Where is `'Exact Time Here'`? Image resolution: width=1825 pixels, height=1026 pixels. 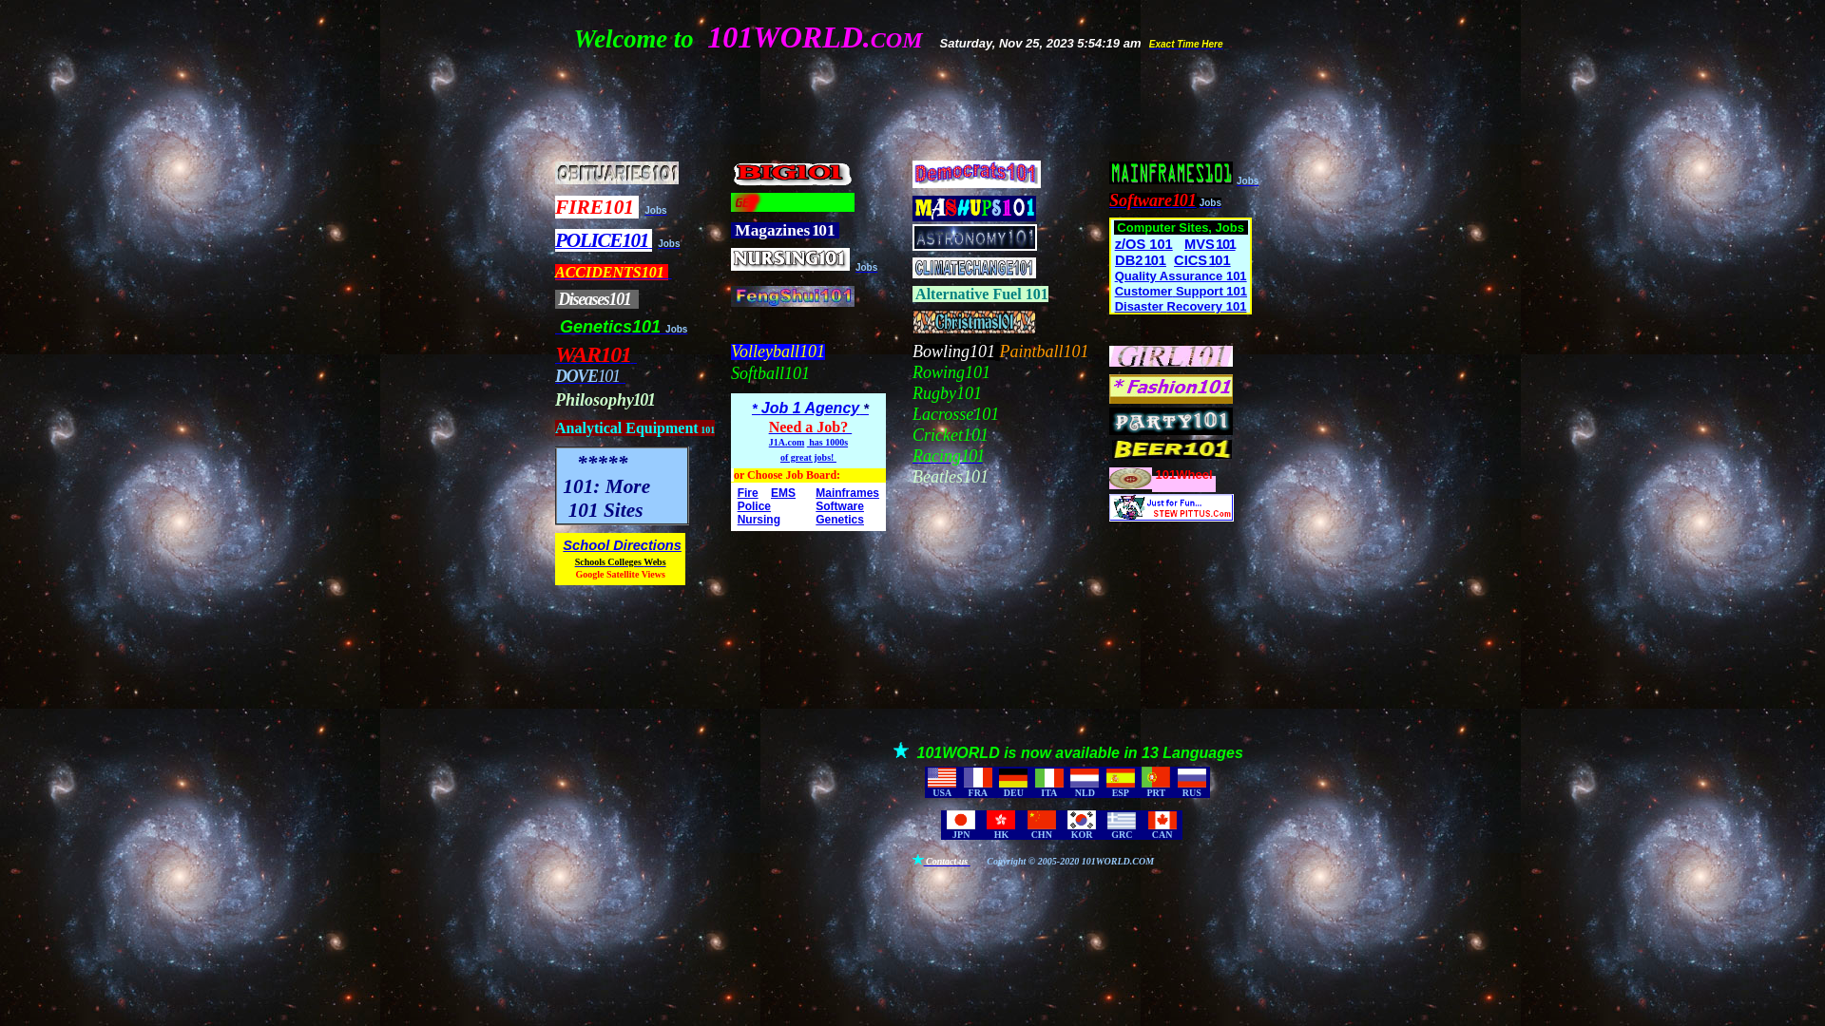
'Exact Time Here' is located at coordinates (1185, 43).